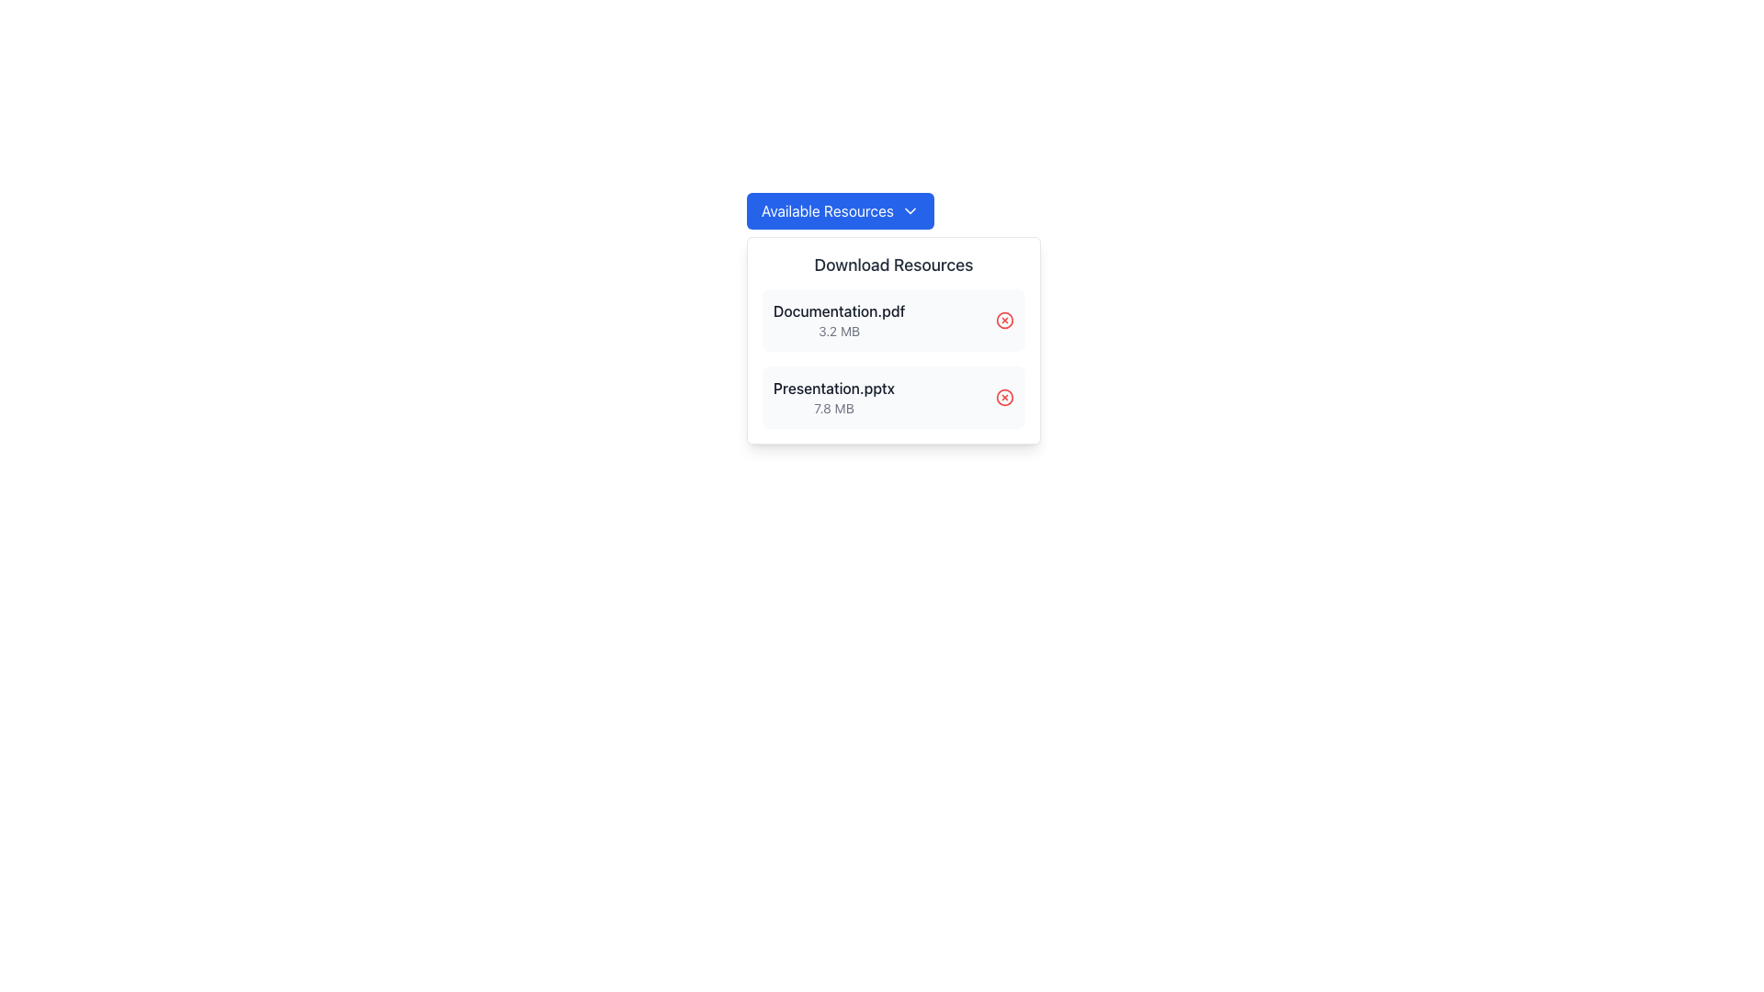 This screenshot has height=992, width=1764. Describe the element at coordinates (832, 407) in the screenshot. I see `the static text label displaying the size of the file 'Presentation.pptx' located in the bottom-right section of the panel for downloadable resources` at that location.